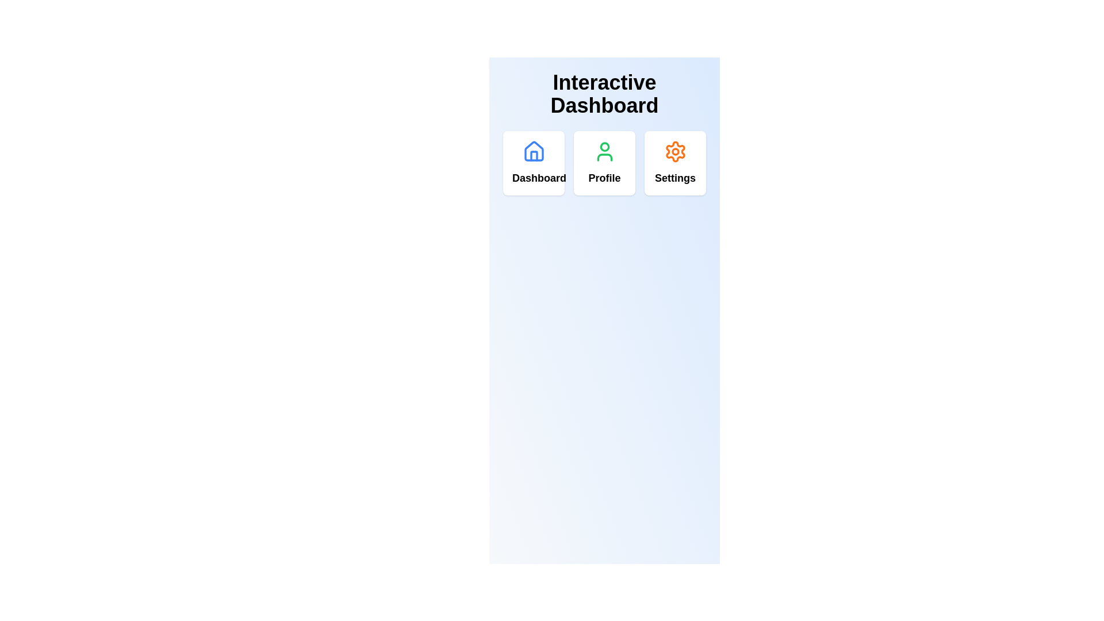 This screenshot has width=1104, height=621. Describe the element at coordinates (604, 151) in the screenshot. I see `the user icon, which is a stylized person represented with a circular head and a small curved line below for the body, displayed in green color, located in the center of the middle card under the title 'Interactive Dashboard'` at that location.